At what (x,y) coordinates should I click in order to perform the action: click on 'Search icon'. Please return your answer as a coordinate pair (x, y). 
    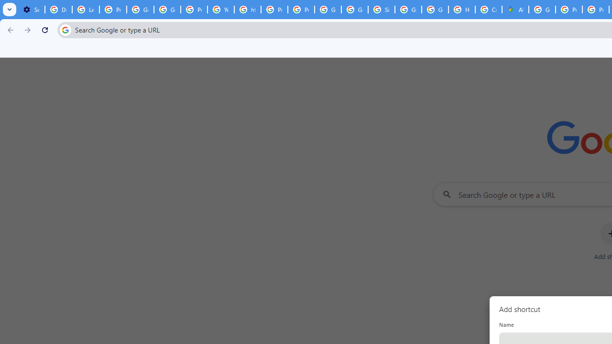
    Looking at the image, I should click on (65, 29).